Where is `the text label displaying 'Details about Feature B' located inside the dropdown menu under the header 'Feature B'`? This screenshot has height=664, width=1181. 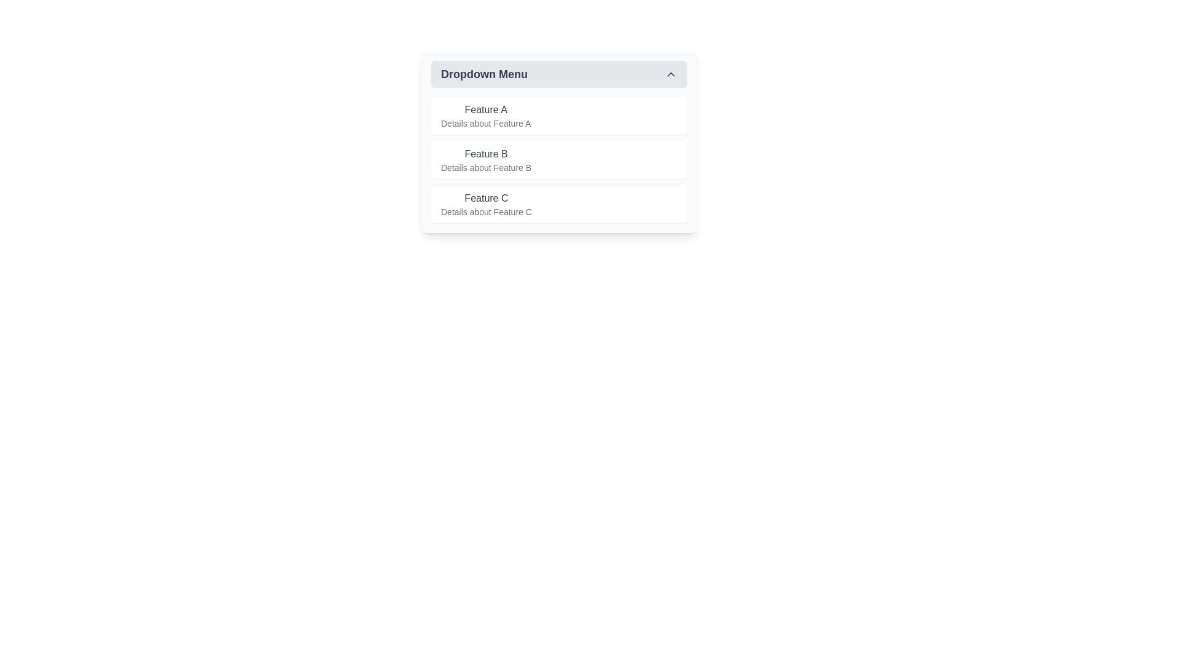 the text label displaying 'Details about Feature B' located inside the dropdown menu under the header 'Feature B' is located at coordinates (485, 168).